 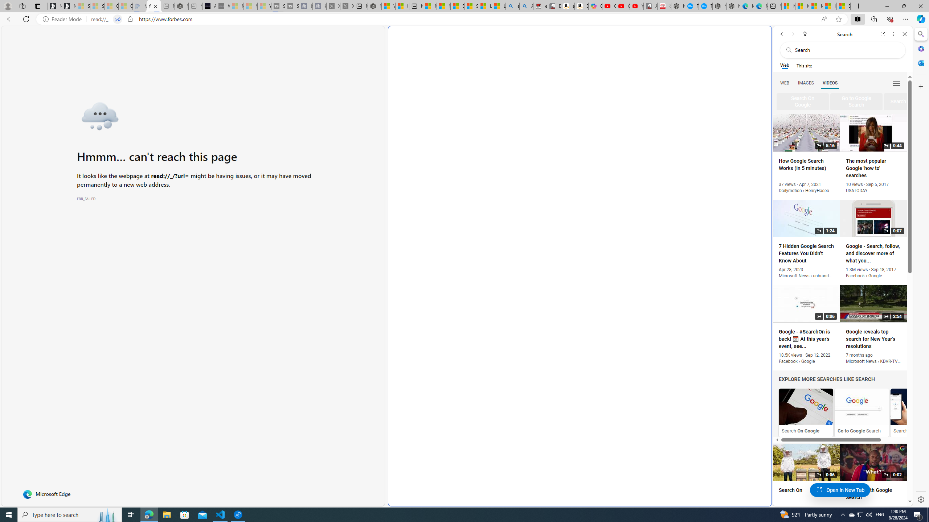 I want to click on 'Class: b_serphb', so click(x=896, y=83).